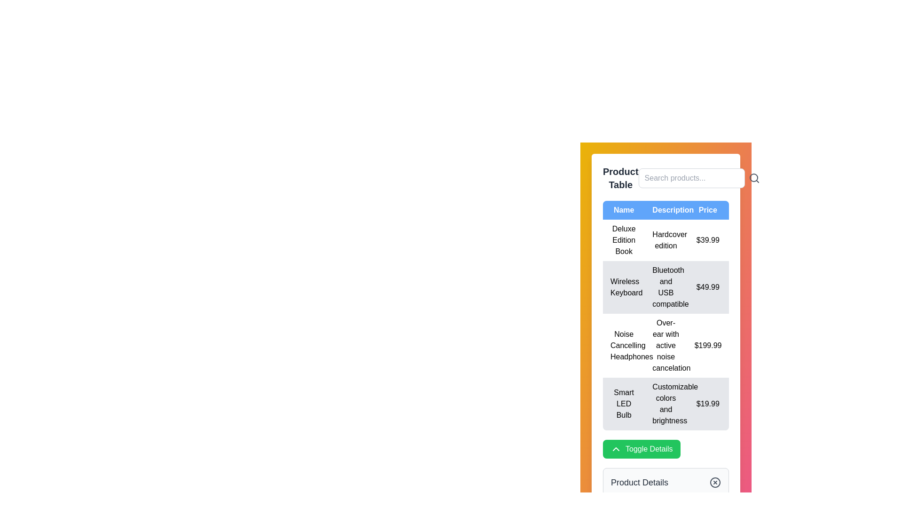 The width and height of the screenshot is (903, 508). What do you see at coordinates (665, 286) in the screenshot?
I see `the second row of the product table that contains details about the 'Wireless Keyboard'` at bounding box center [665, 286].